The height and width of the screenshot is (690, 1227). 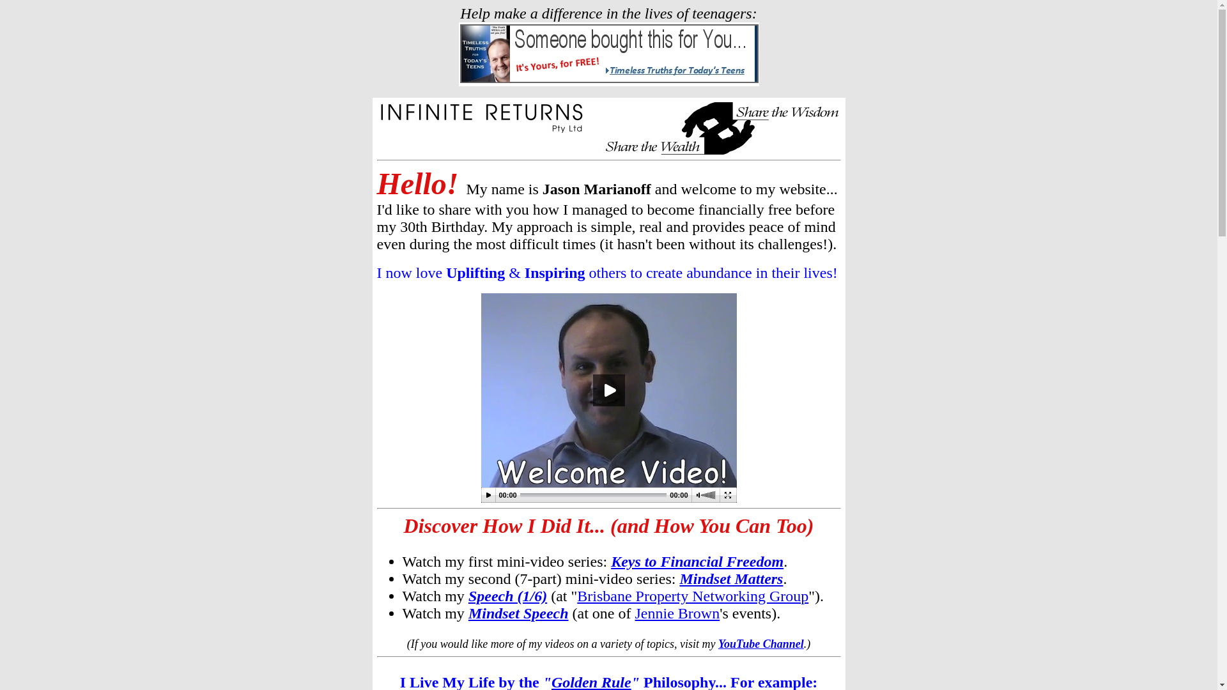 I want to click on 'Brisbane Property Networking Group', so click(x=692, y=596).